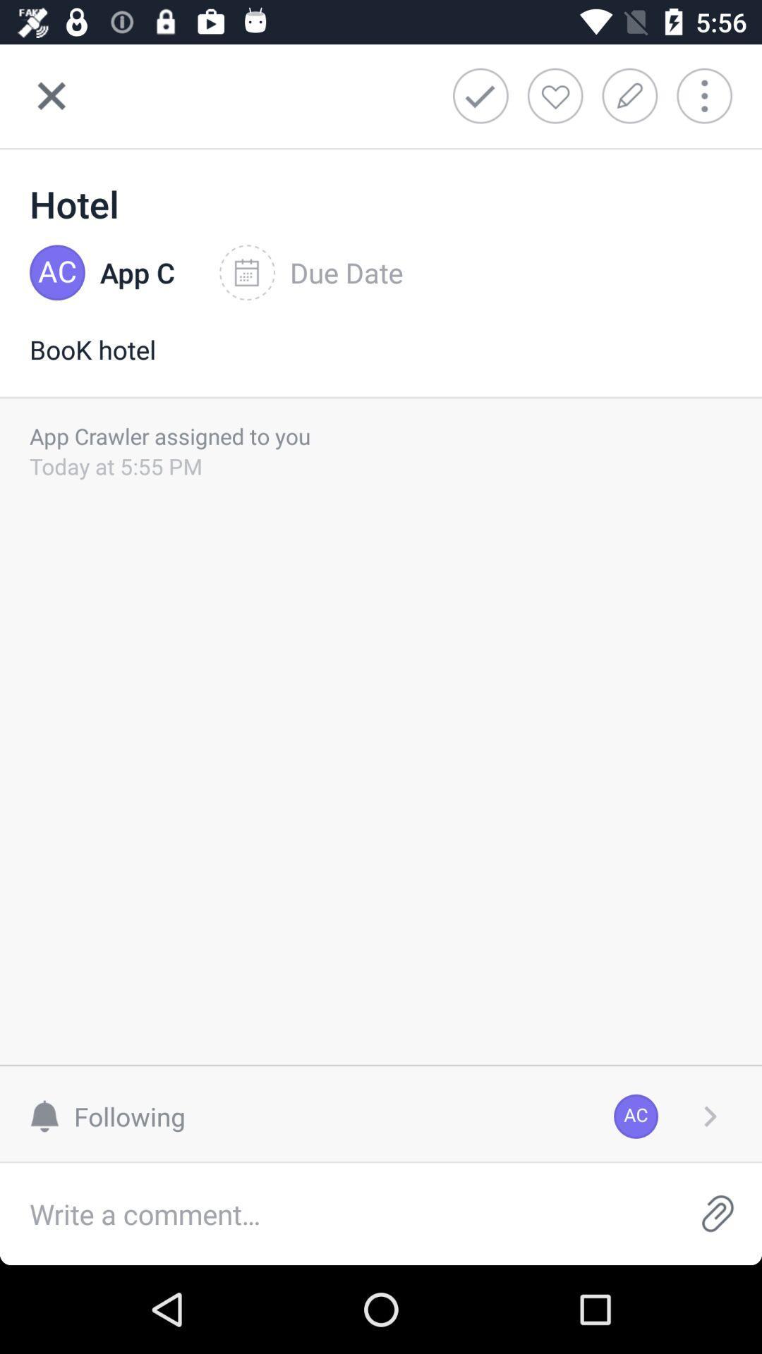  What do you see at coordinates (337, 1213) in the screenshot?
I see `write a comment` at bounding box center [337, 1213].